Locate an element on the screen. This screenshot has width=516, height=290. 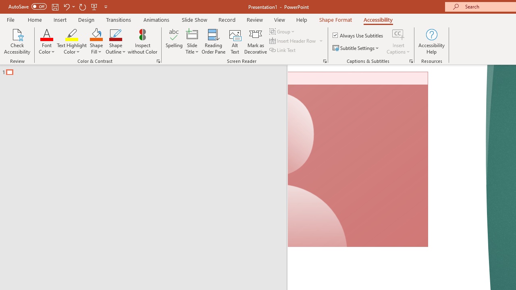
'Spelling...' is located at coordinates (174, 41).